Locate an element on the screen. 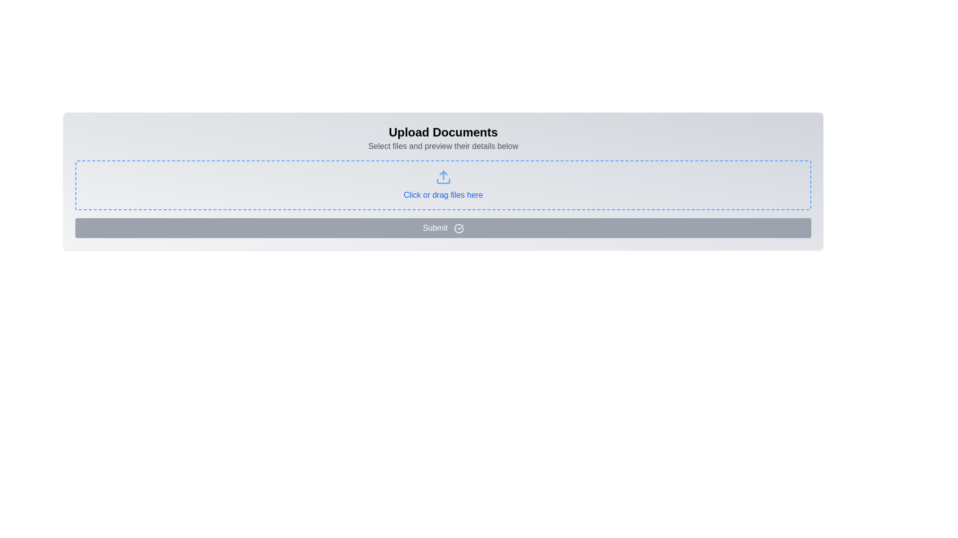 This screenshot has height=538, width=958. the upload icon located near the center of the dashed-bordered area, above the text 'Click or drag files here' is located at coordinates (443, 176).